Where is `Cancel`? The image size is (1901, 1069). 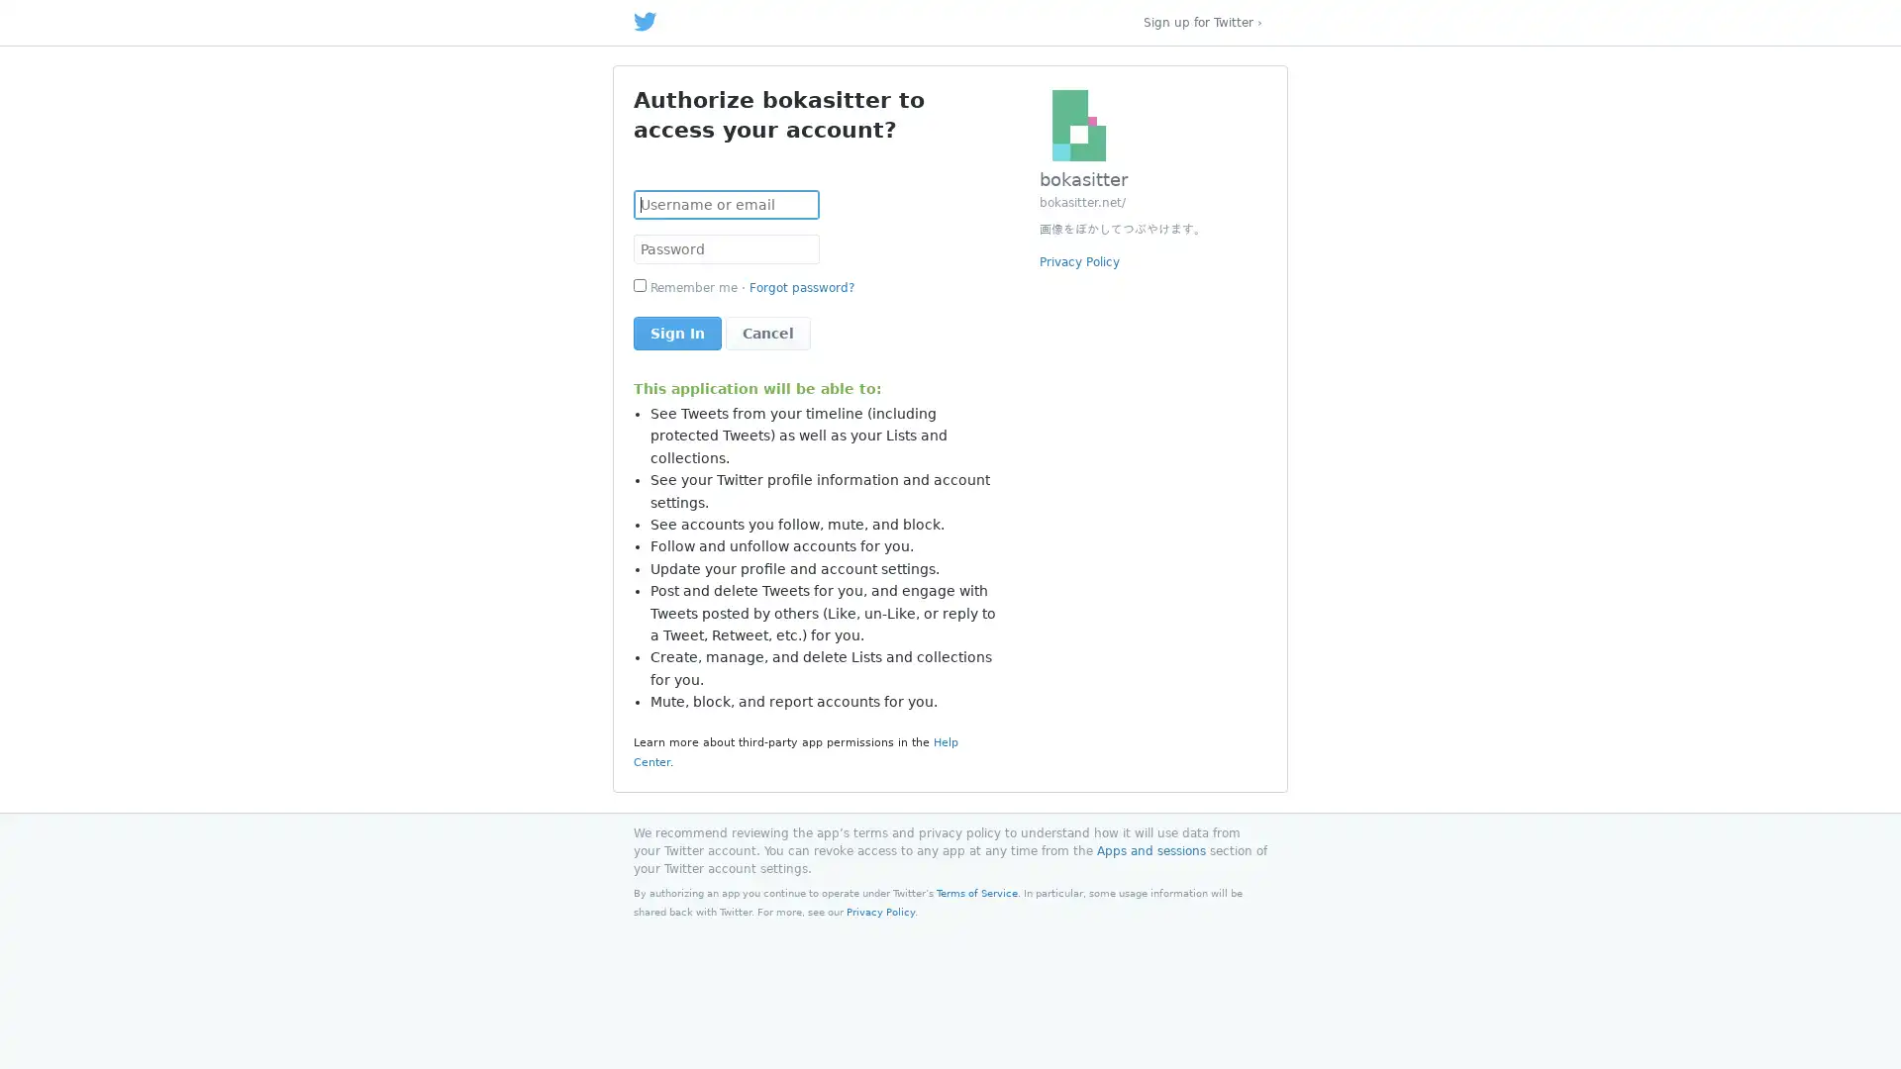 Cancel is located at coordinates (767, 332).